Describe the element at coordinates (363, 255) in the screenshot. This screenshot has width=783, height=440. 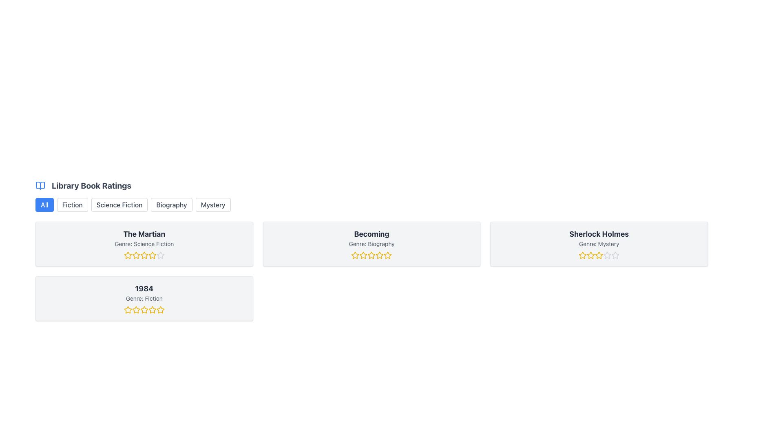
I see `the second star icon in the rating component under the book card titled 'Becoming'` at that location.